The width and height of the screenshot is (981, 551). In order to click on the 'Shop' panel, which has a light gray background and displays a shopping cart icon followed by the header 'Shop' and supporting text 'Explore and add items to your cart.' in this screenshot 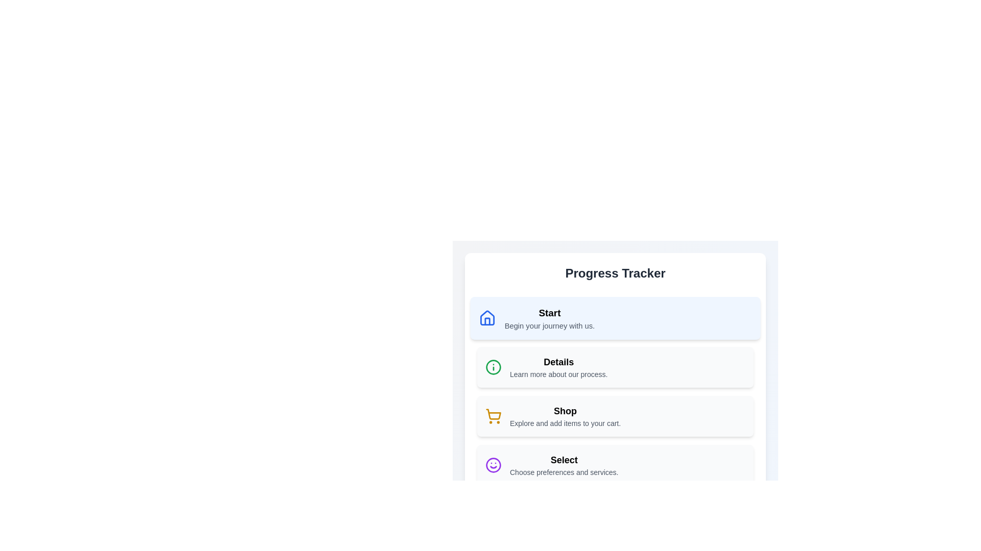, I will do `click(615, 416)`.